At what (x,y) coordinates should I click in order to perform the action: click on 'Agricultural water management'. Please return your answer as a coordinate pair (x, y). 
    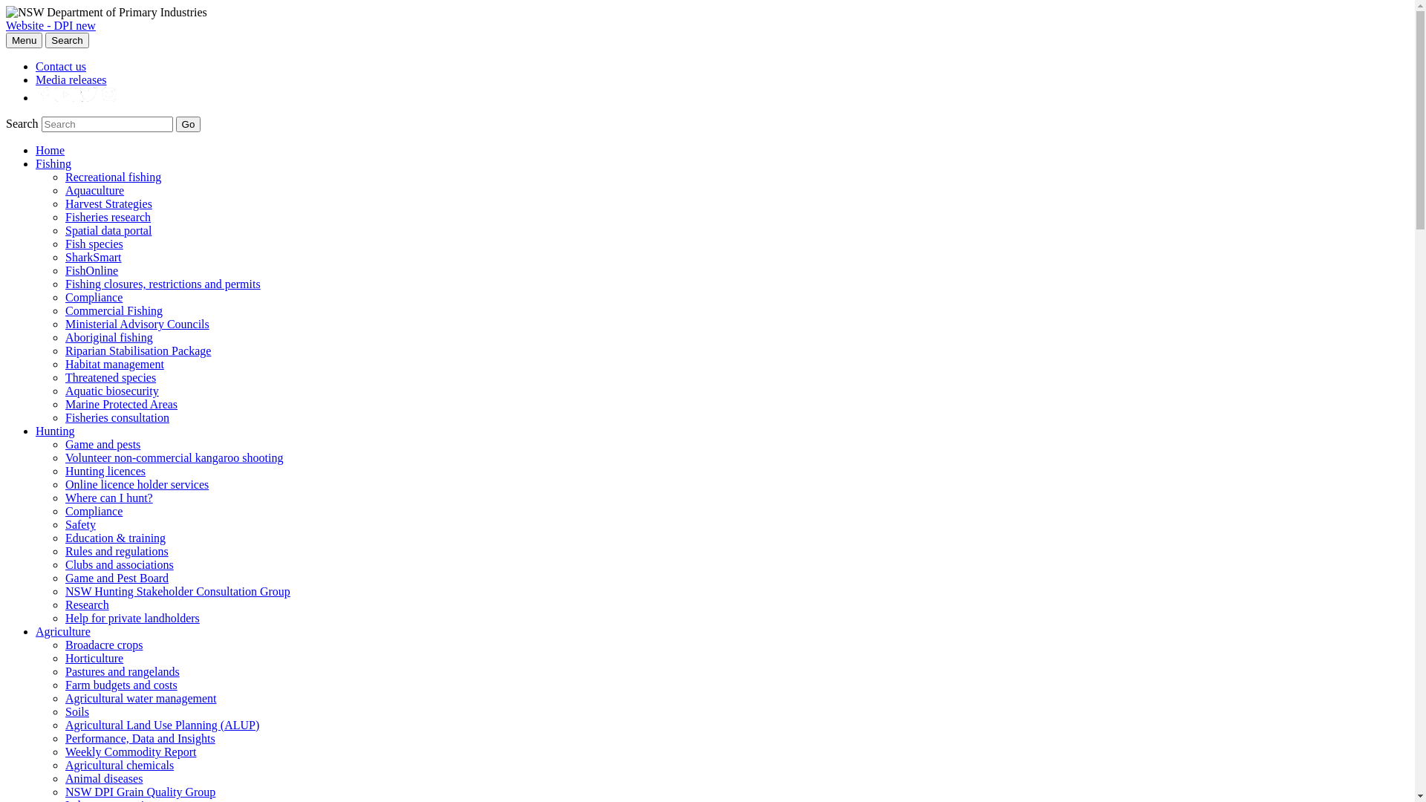
    Looking at the image, I should click on (64, 698).